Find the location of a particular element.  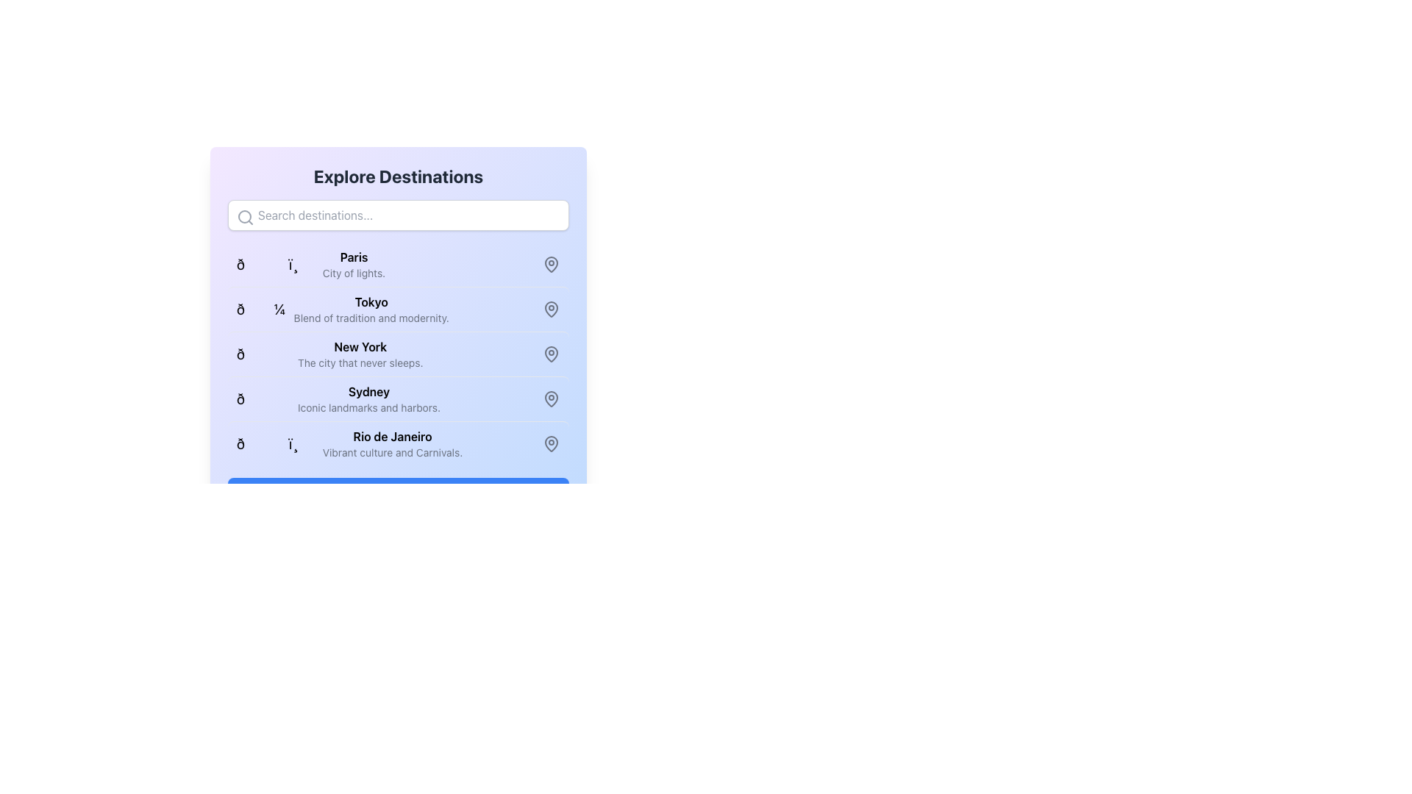

the gray map pin icon next to the 'Sydney' list item is located at coordinates (550, 399).